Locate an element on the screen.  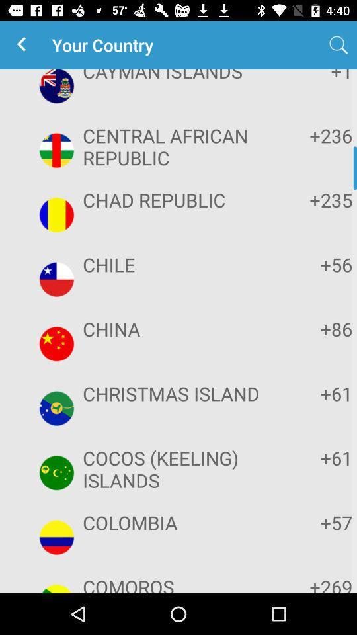
item above the chad republic app is located at coordinates (311, 135).